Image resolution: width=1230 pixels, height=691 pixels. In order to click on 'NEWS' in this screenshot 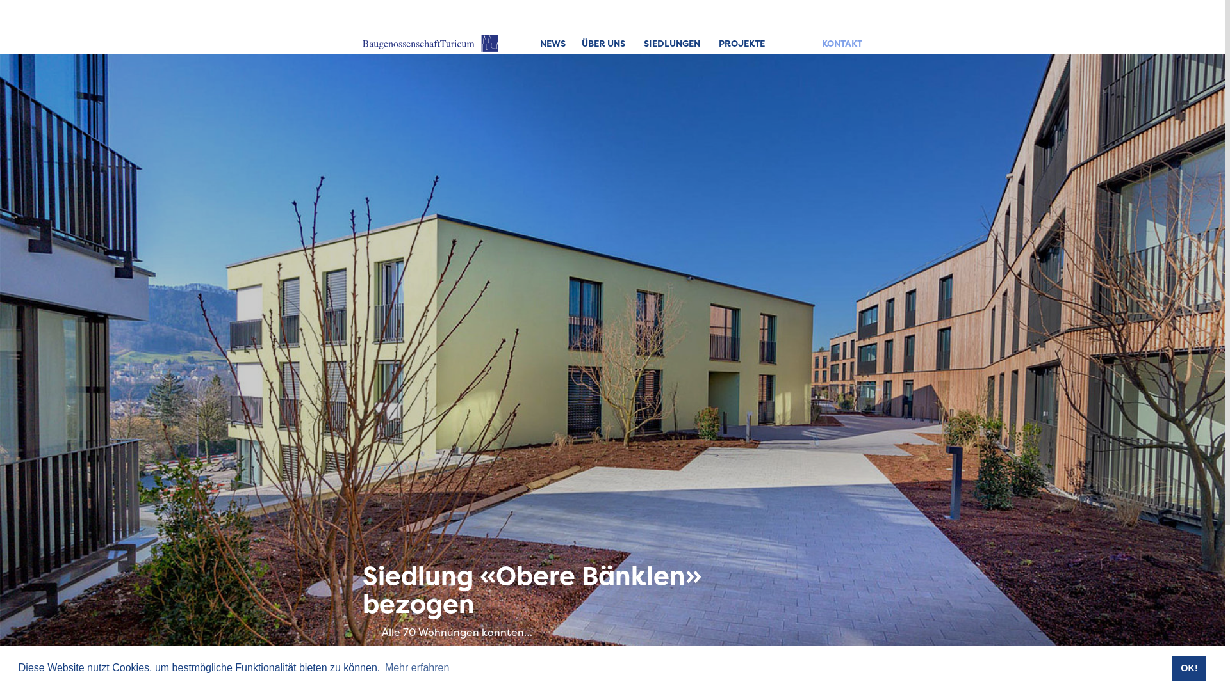, I will do `click(553, 43)`.